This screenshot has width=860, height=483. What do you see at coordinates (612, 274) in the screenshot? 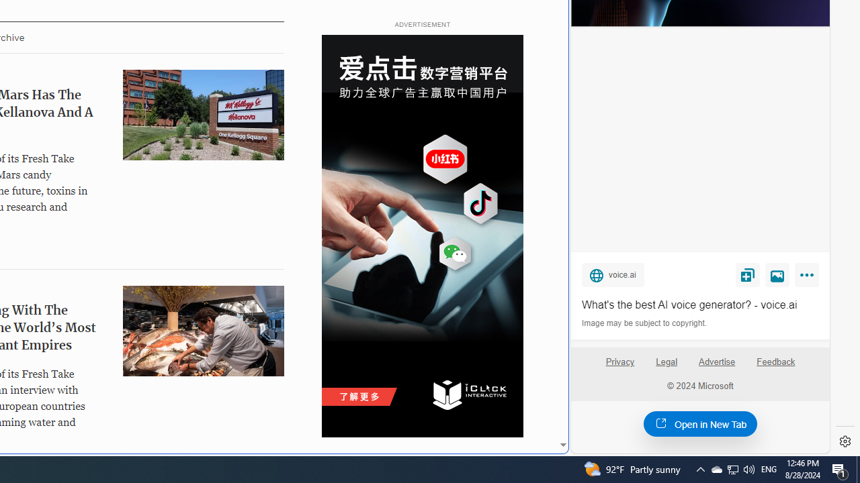
I see `'voice.ai'` at bounding box center [612, 274].